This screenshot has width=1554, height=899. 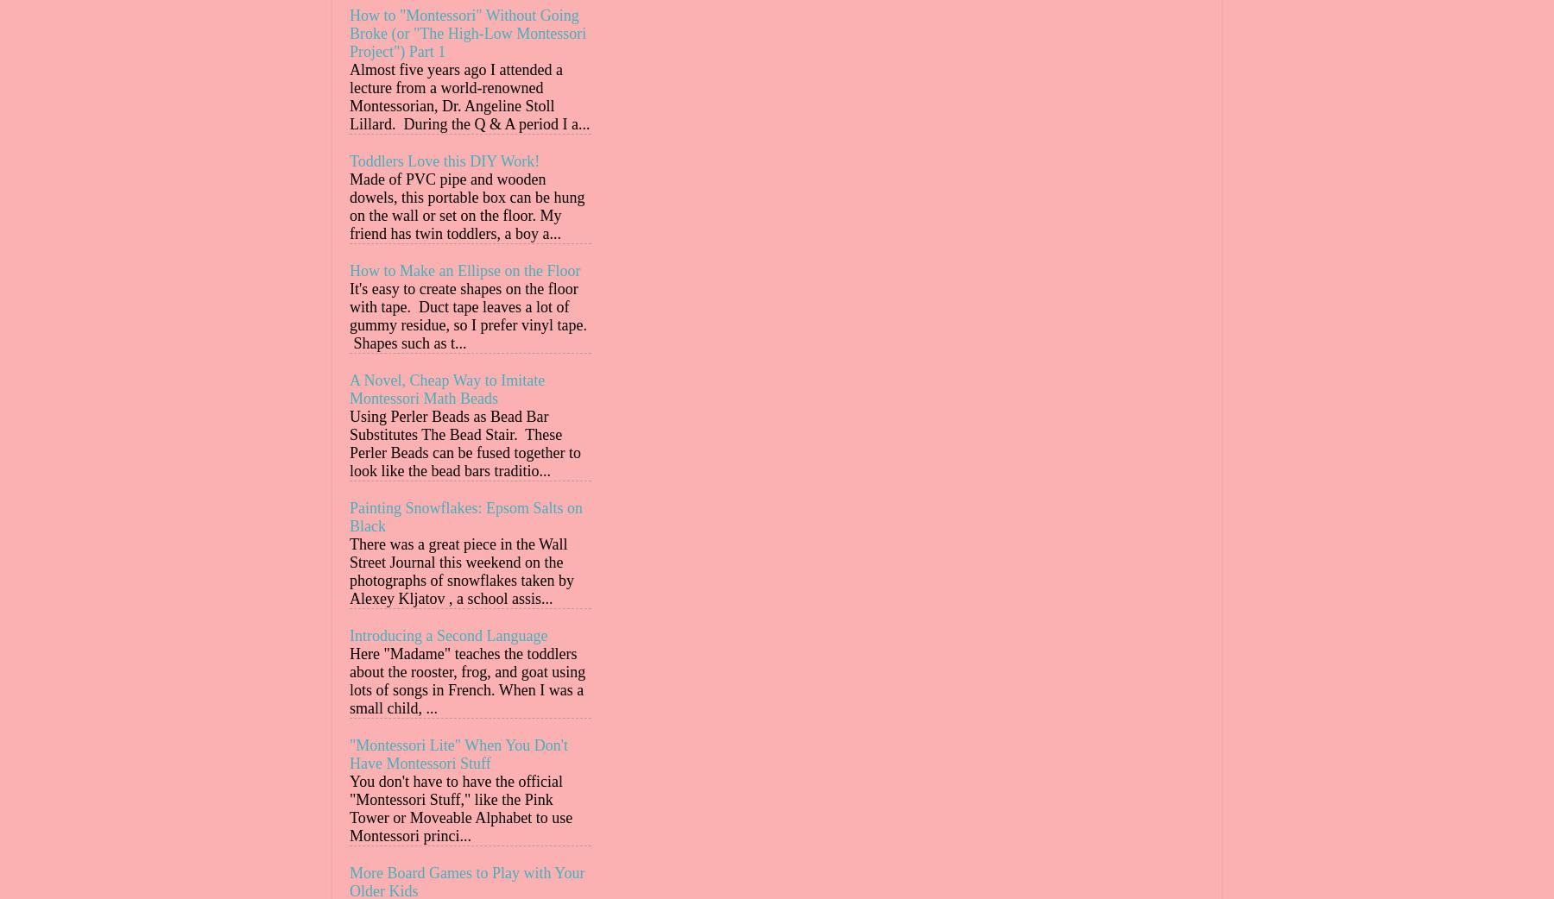 What do you see at coordinates (468, 97) in the screenshot?
I see `'Almost five years ago I attended a lecture from a world-renowned Montessorian, Dr. Angeline Stoll Lillard.  During the Q & A period I a...'` at bounding box center [468, 97].